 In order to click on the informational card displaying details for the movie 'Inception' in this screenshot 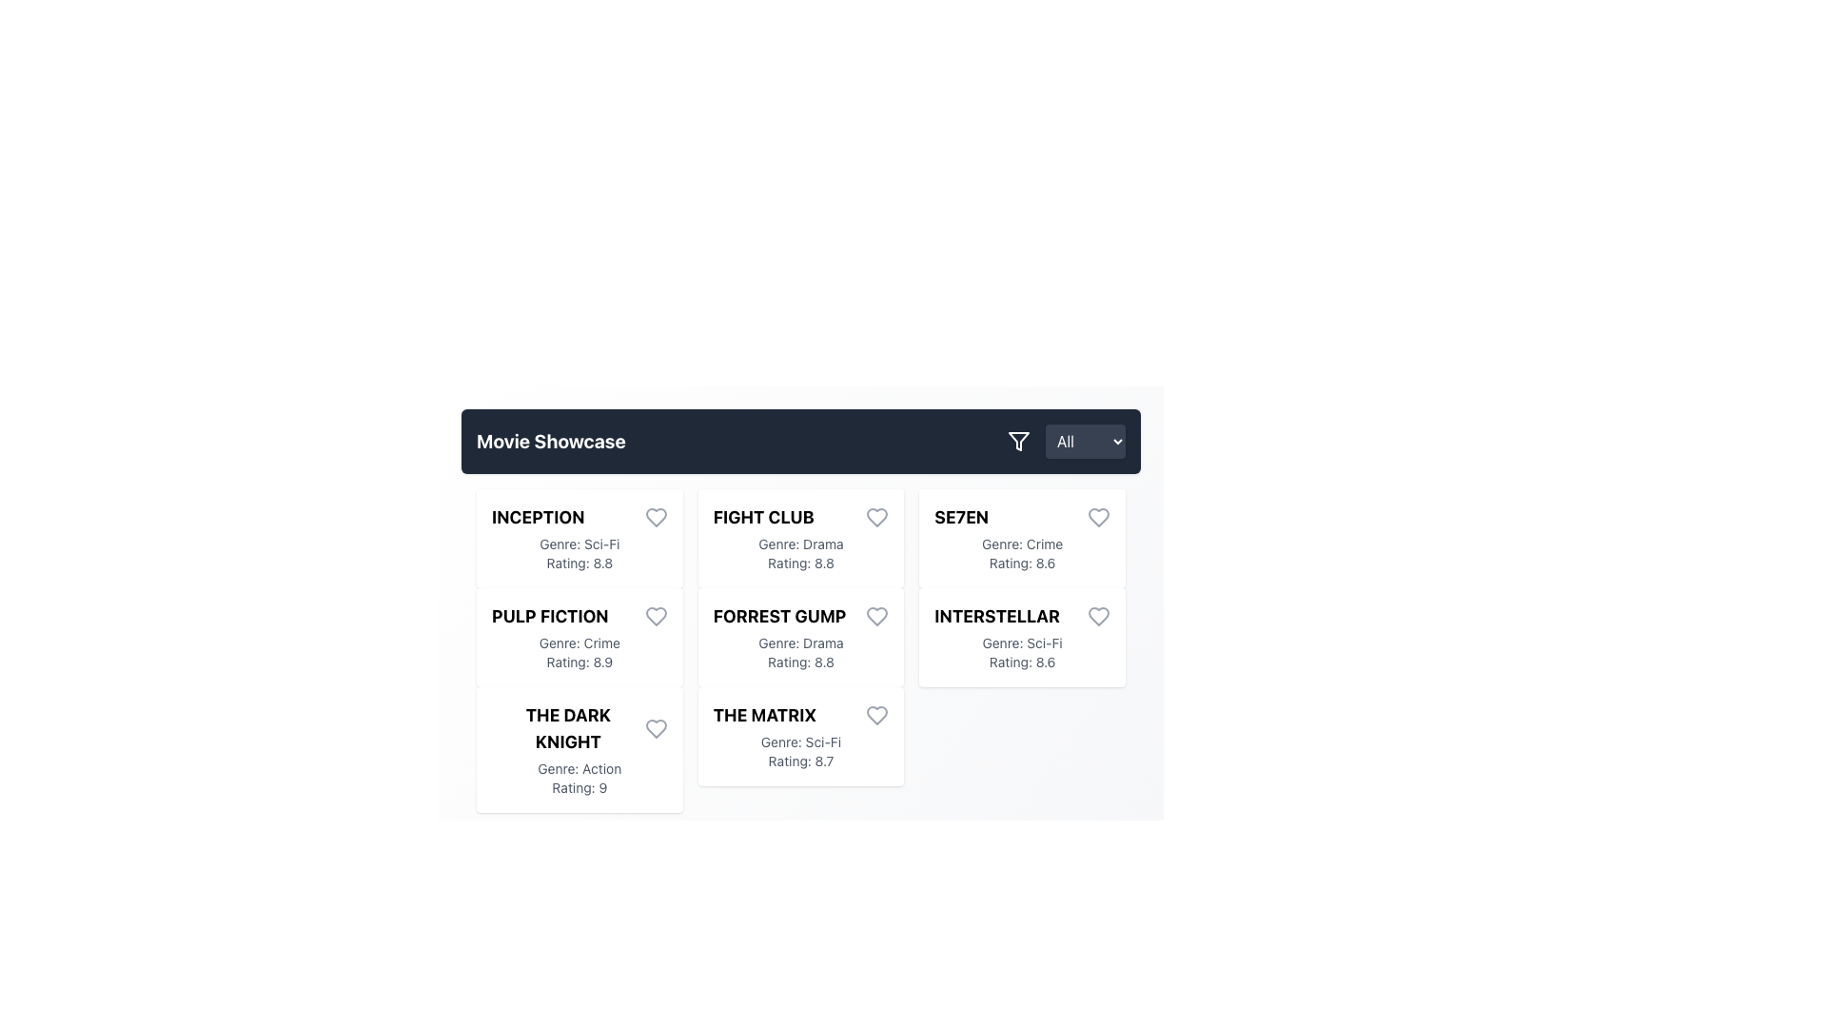, I will do `click(579, 539)`.